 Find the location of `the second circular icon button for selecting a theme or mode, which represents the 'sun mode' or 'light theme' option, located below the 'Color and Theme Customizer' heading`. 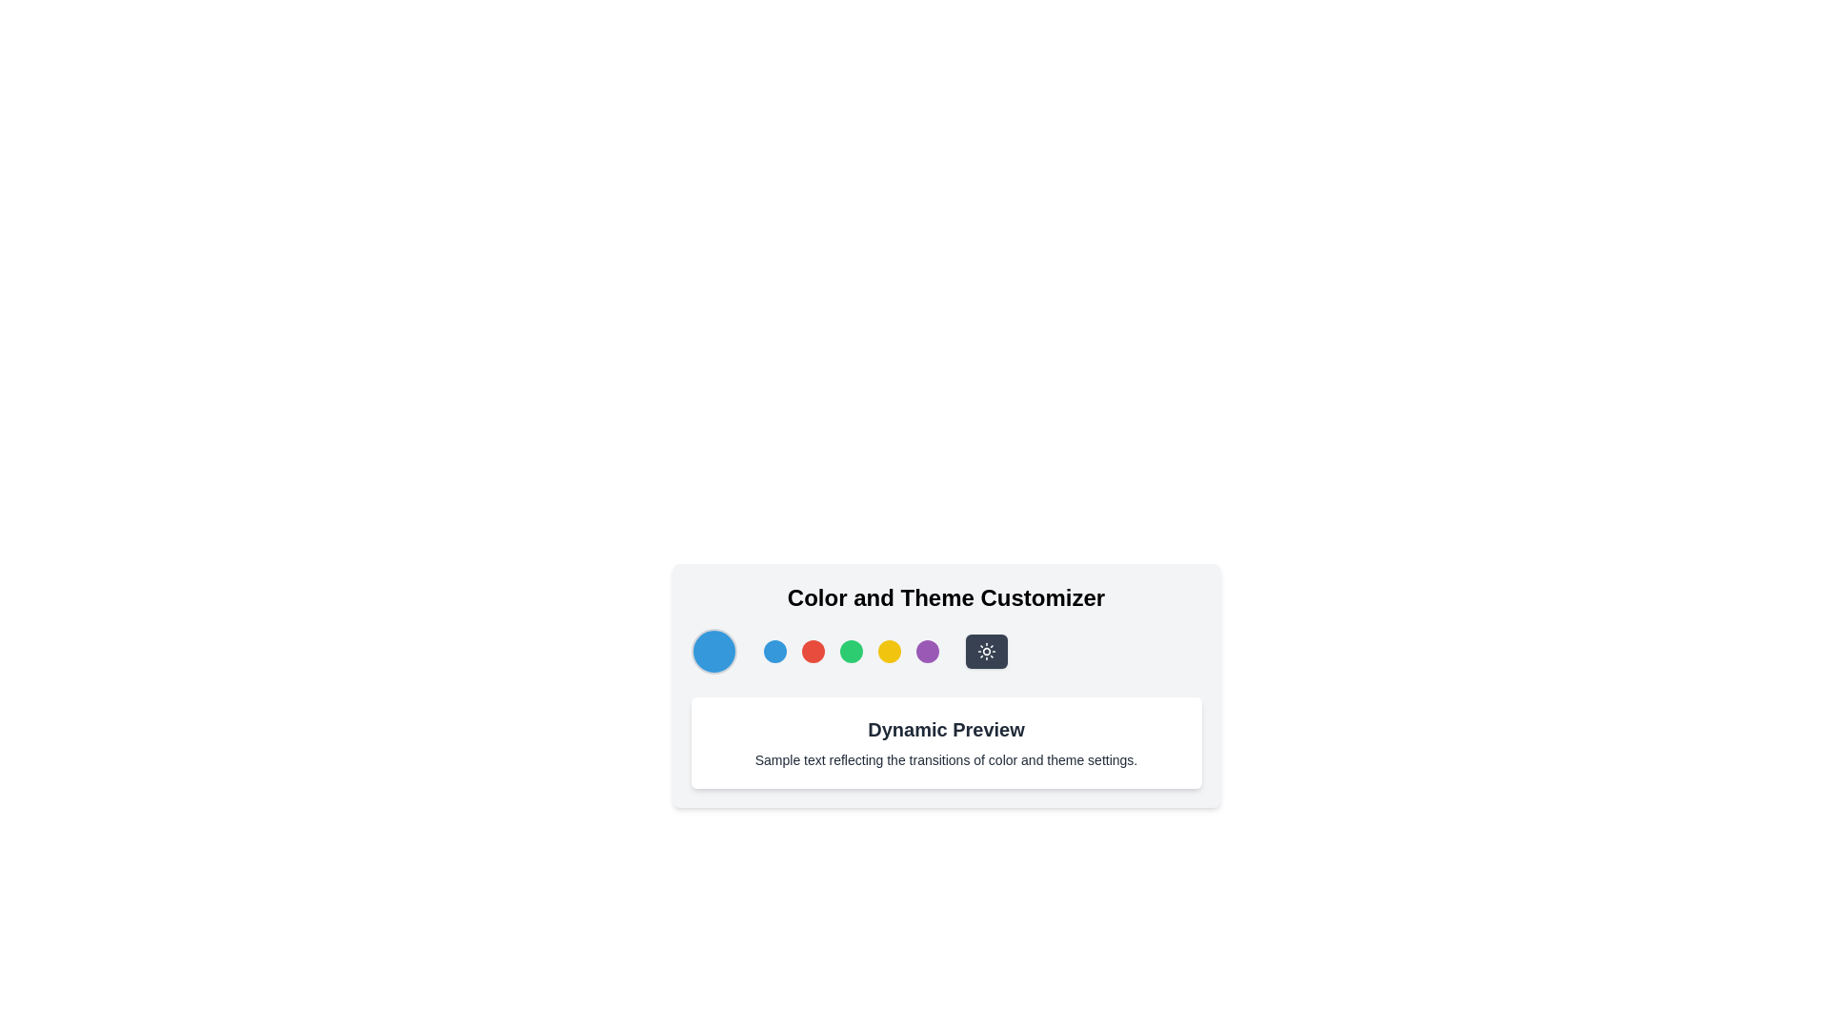

the second circular icon button for selecting a theme or mode, which represents the 'sun mode' or 'light theme' option, located below the 'Color and Theme Customizer' heading is located at coordinates (986, 650).